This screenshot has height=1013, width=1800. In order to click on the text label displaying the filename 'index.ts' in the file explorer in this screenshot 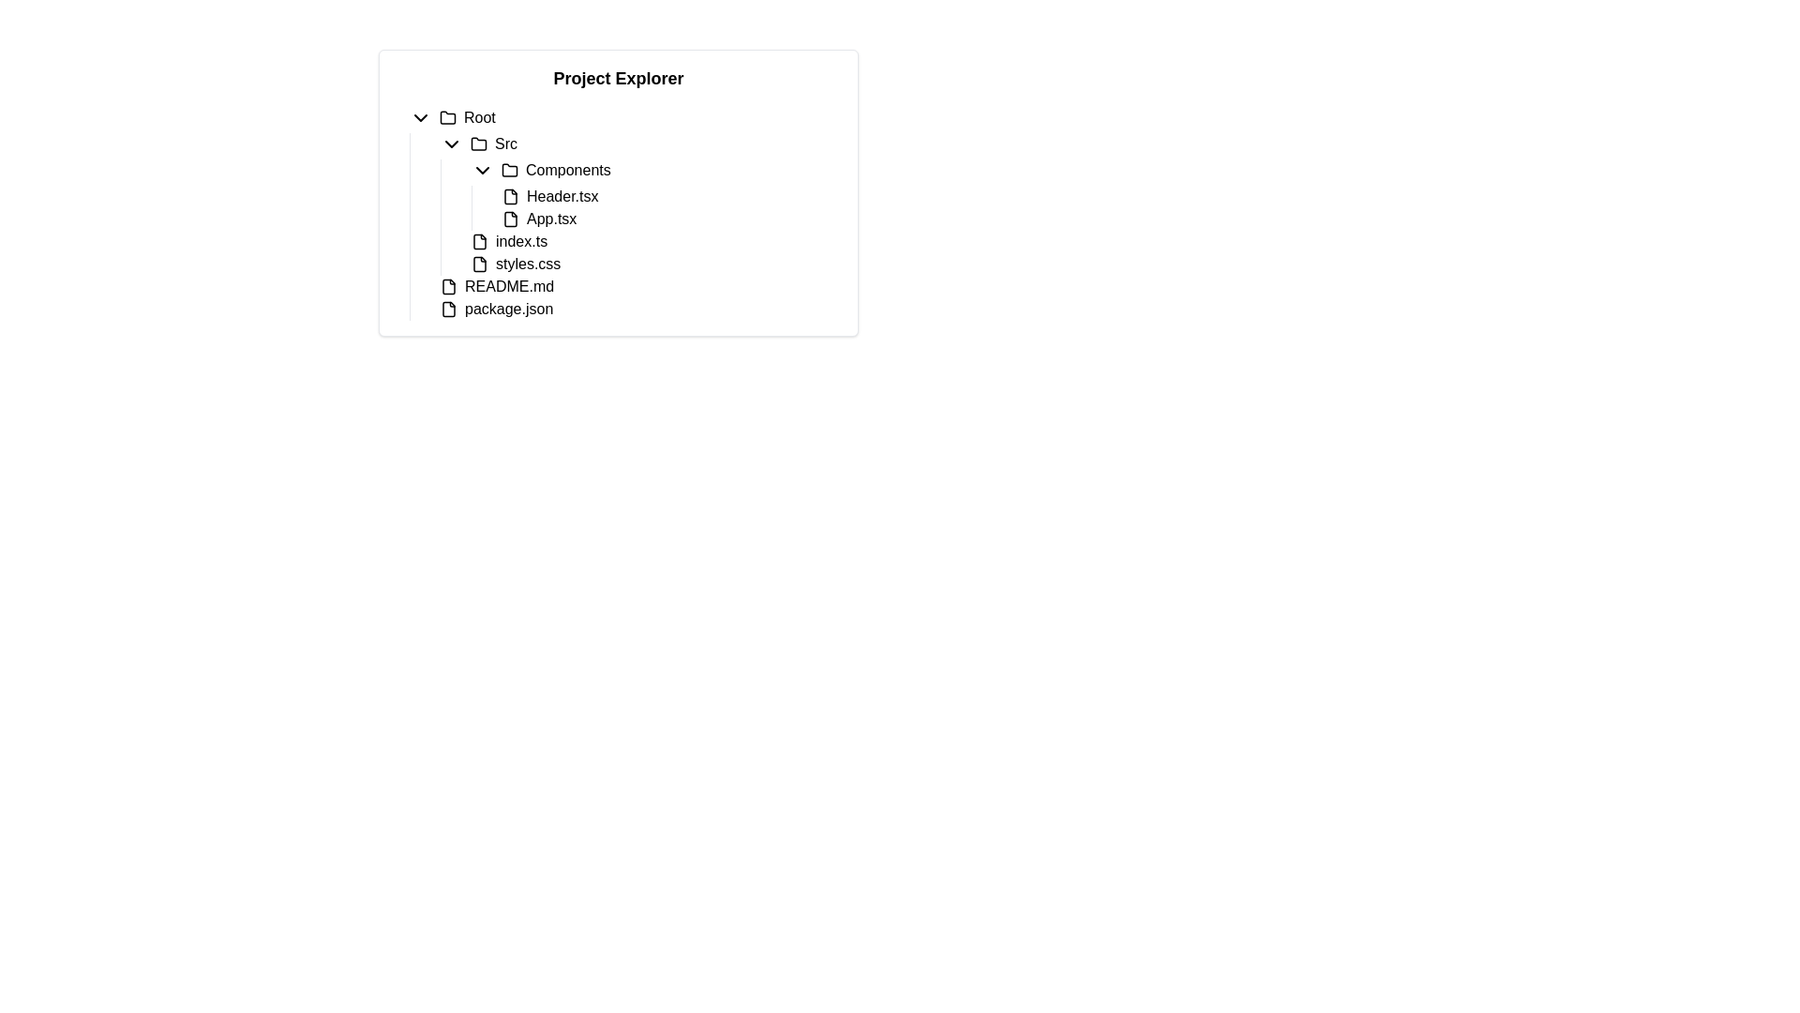, I will do `click(521, 241)`.